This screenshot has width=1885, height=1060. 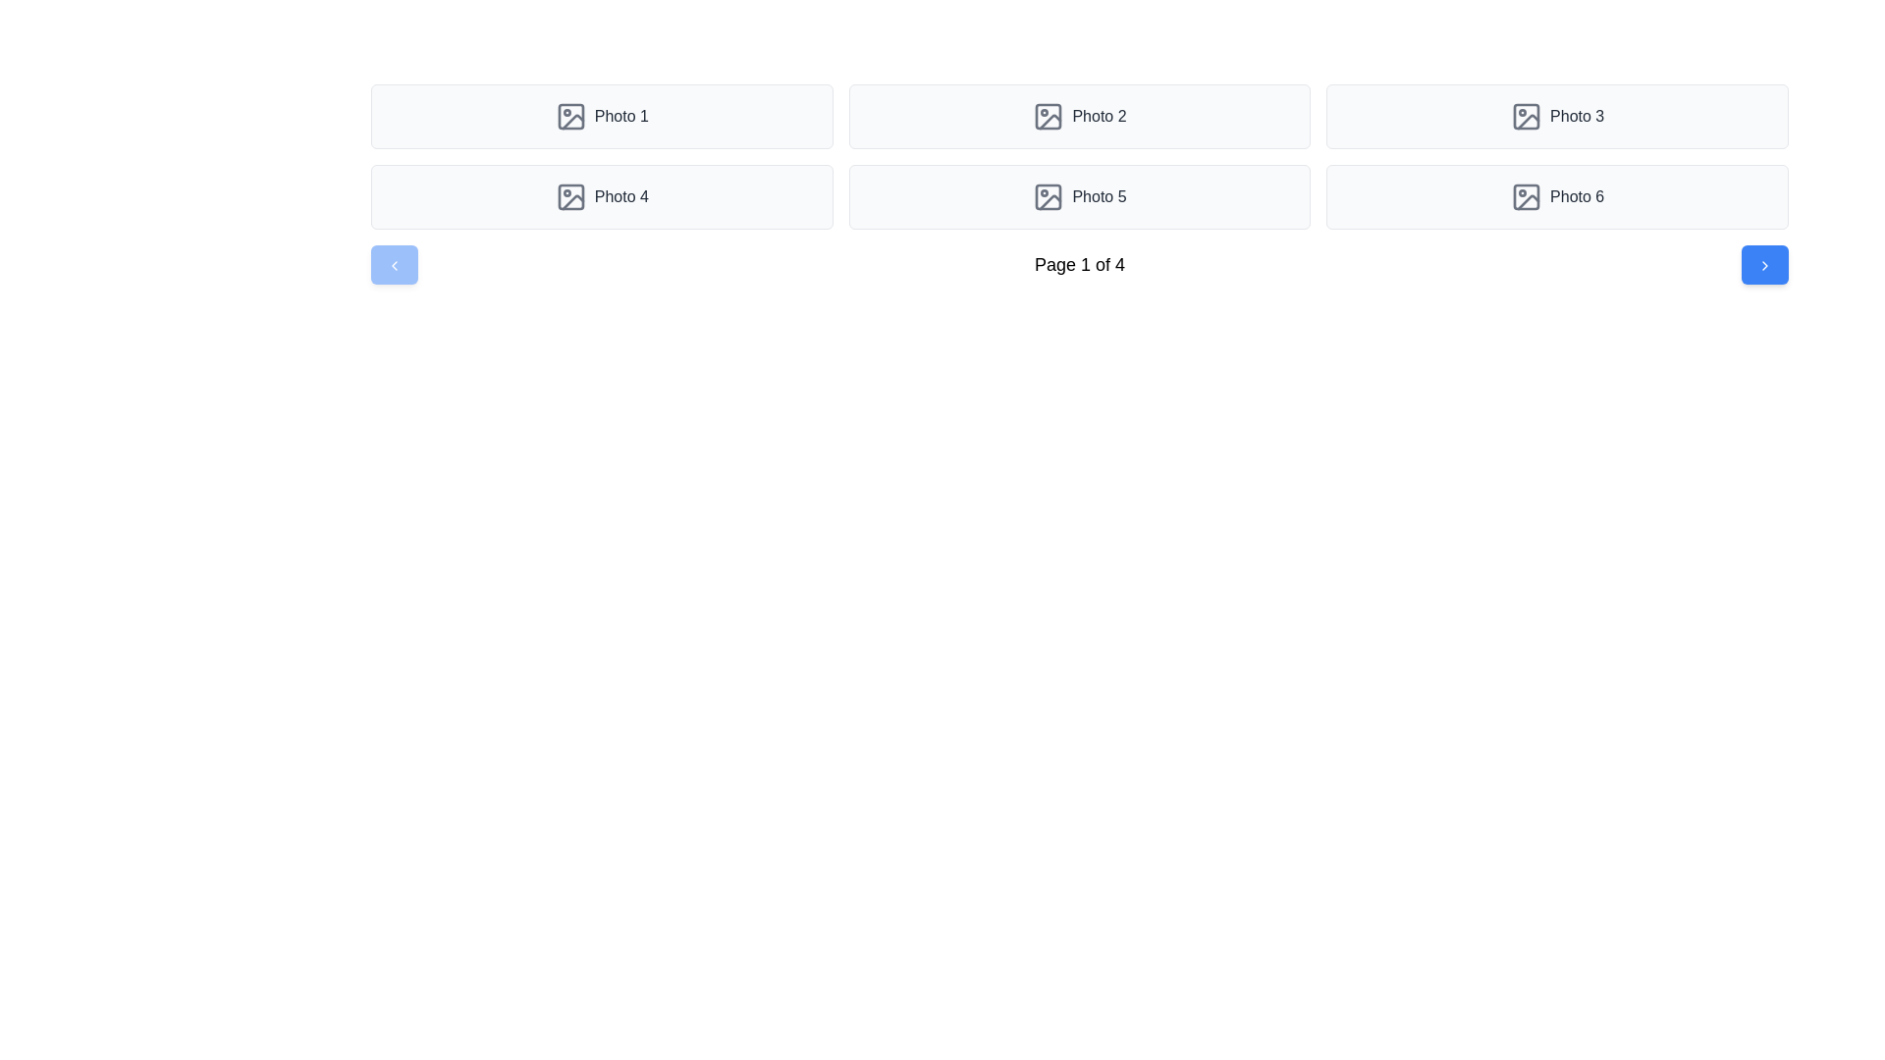 What do you see at coordinates (1556, 117) in the screenshot?
I see `the interactive card displaying 'Photo 3' located in the top row, rightmost column of the grid` at bounding box center [1556, 117].